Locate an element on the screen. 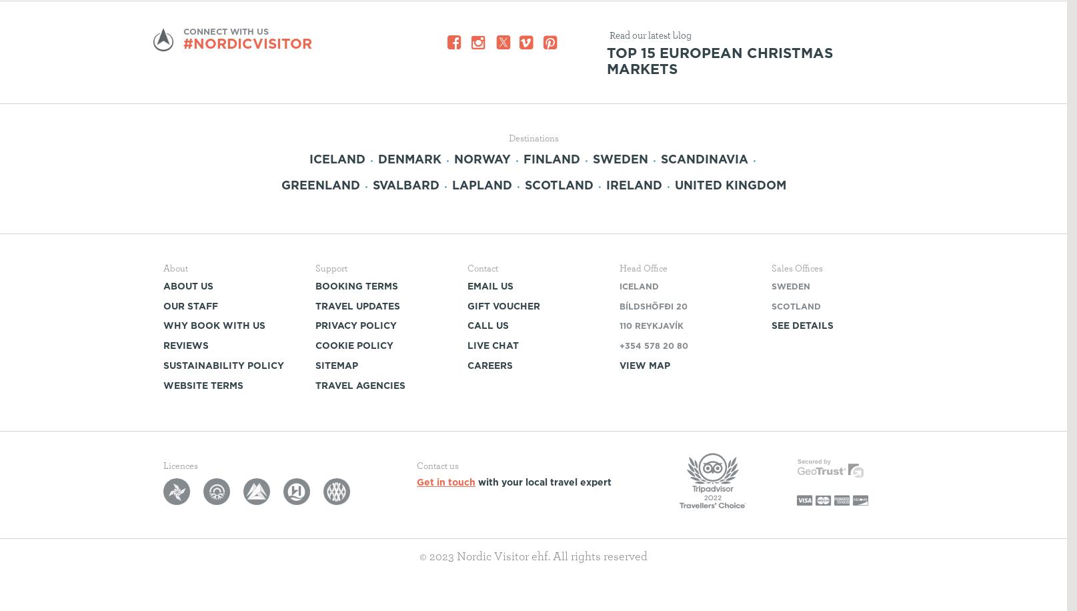 The width and height of the screenshot is (1077, 611). 'Denmark' is located at coordinates (378, 158).